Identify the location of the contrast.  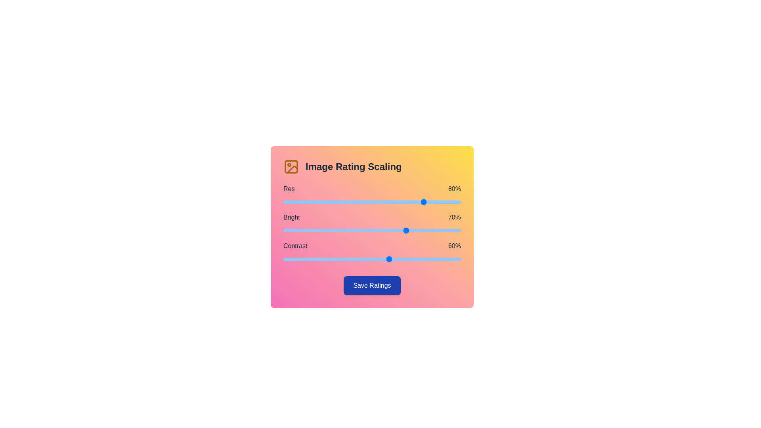
(299, 259).